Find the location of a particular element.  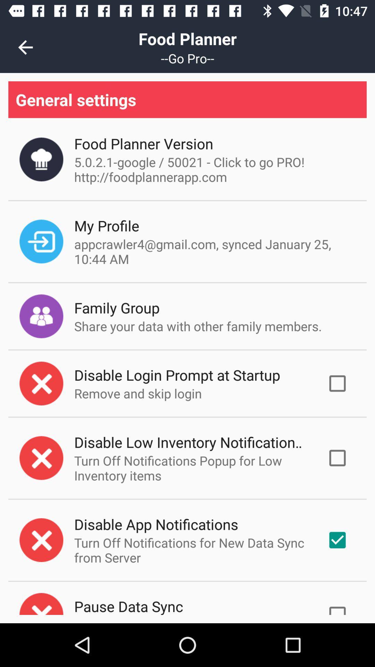

general settings item is located at coordinates (187, 99).